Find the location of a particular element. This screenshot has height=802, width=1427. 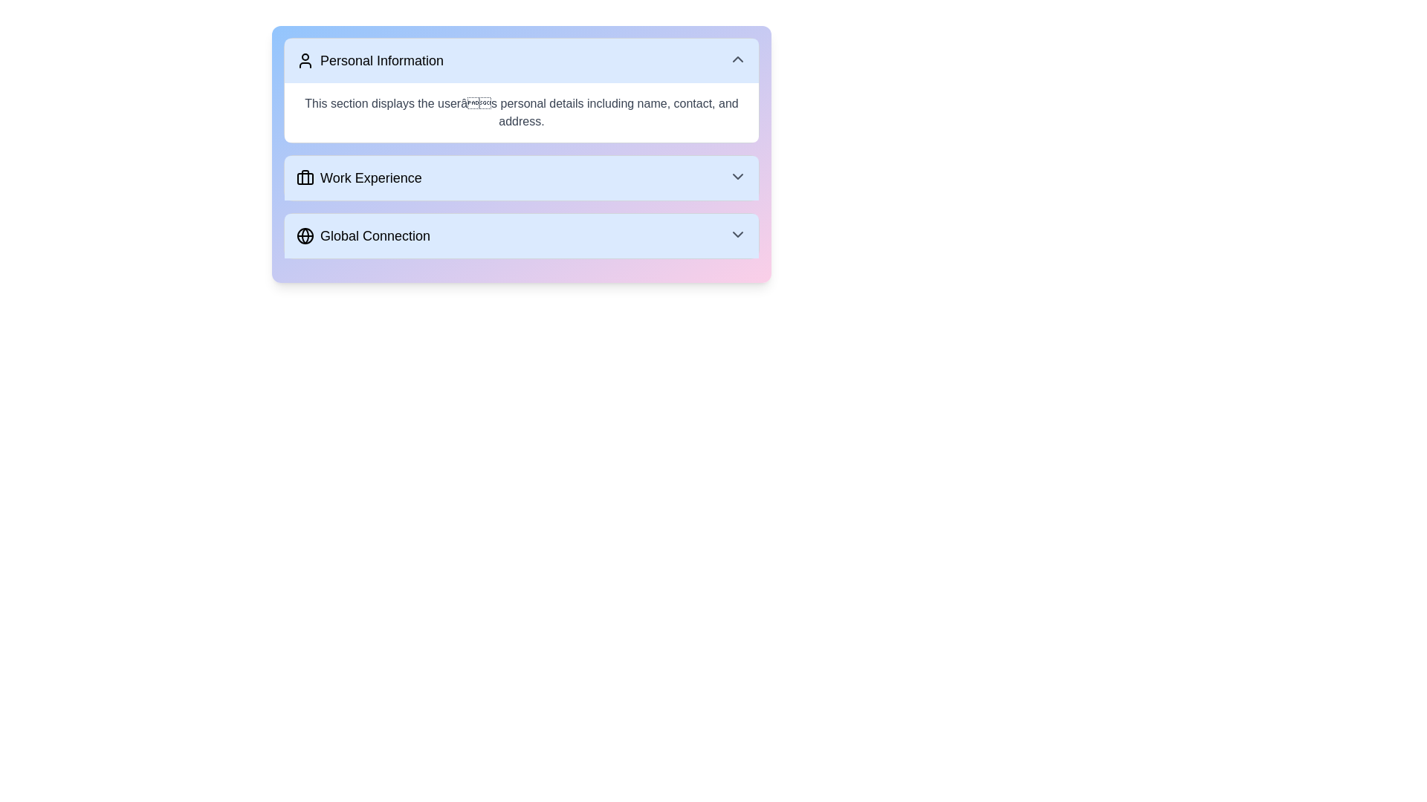

the globe-shaped icon located in the third section of the interface, next to the 'Global Connection' text is located at coordinates (305, 235).